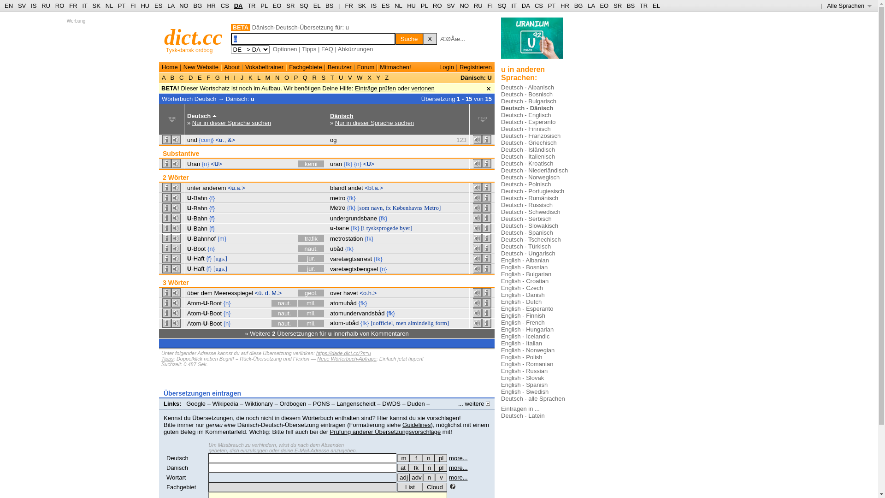 The width and height of the screenshot is (885, 498). I want to click on 'adv', so click(416, 477).